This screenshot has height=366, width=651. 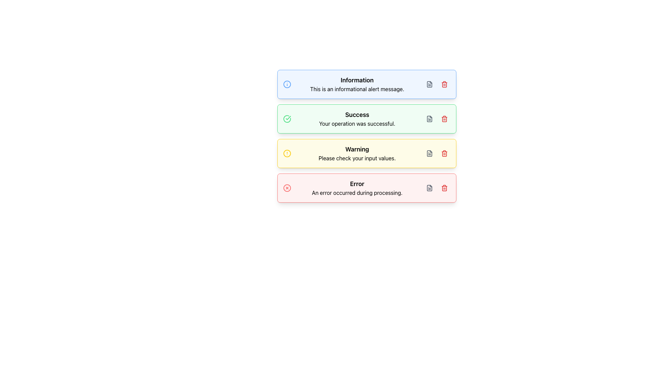 What do you see at coordinates (429, 188) in the screenshot?
I see `the document icon button located in the red-colored alert section labeled 'Error'` at bounding box center [429, 188].